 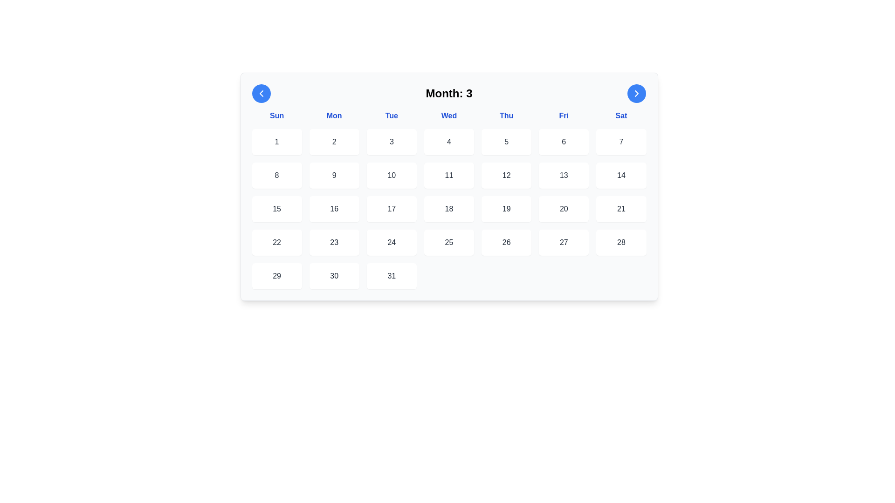 What do you see at coordinates (621, 142) in the screenshot?
I see `the Calendar day cell displaying the number '7' in the top row under the 'Sat' column heading` at bounding box center [621, 142].